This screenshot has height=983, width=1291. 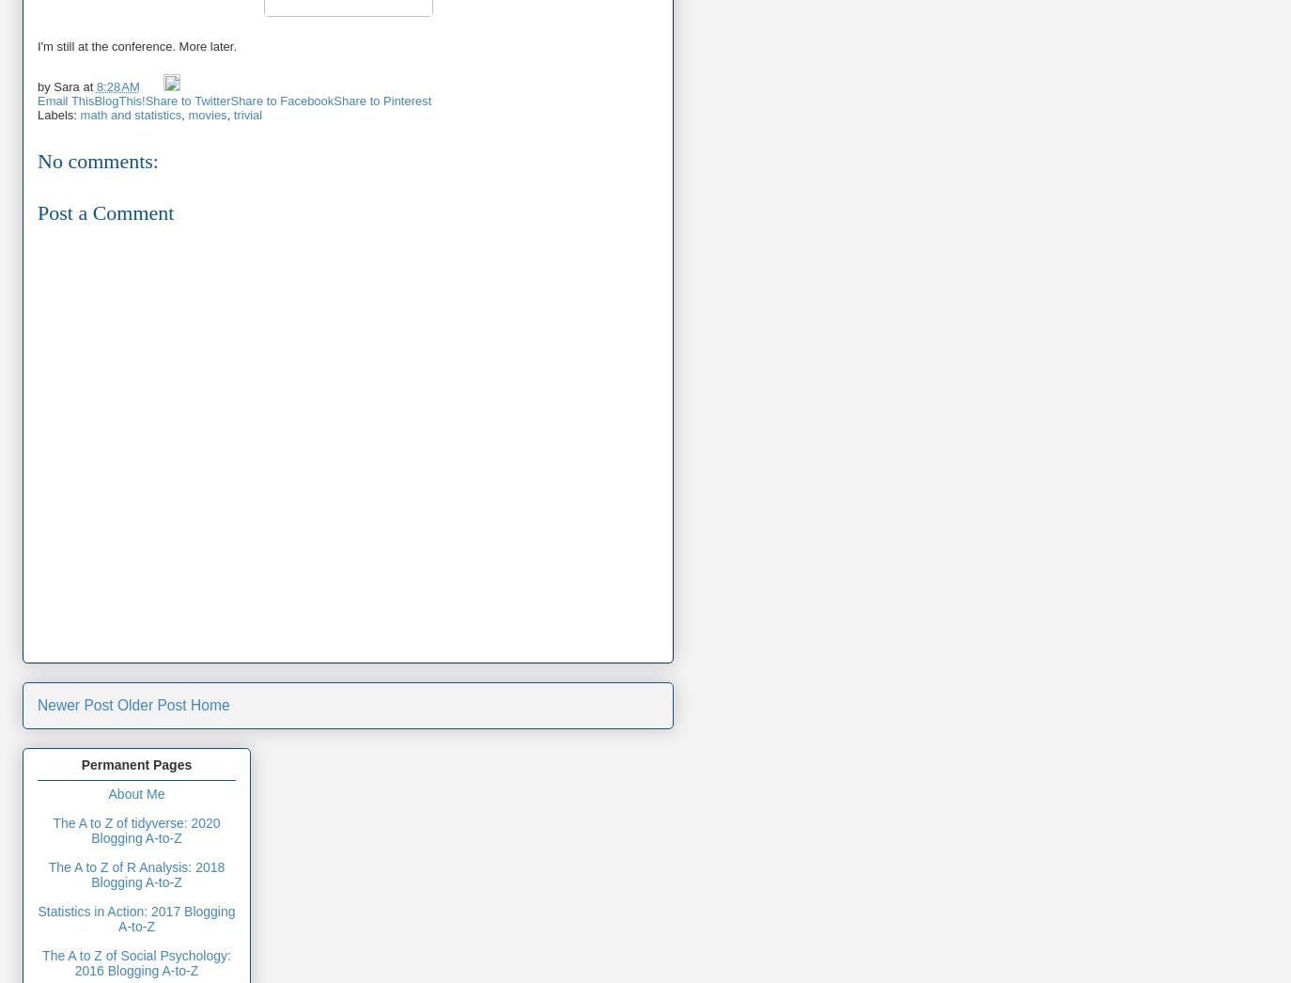 What do you see at coordinates (65, 86) in the screenshot?
I see `'Sara'` at bounding box center [65, 86].